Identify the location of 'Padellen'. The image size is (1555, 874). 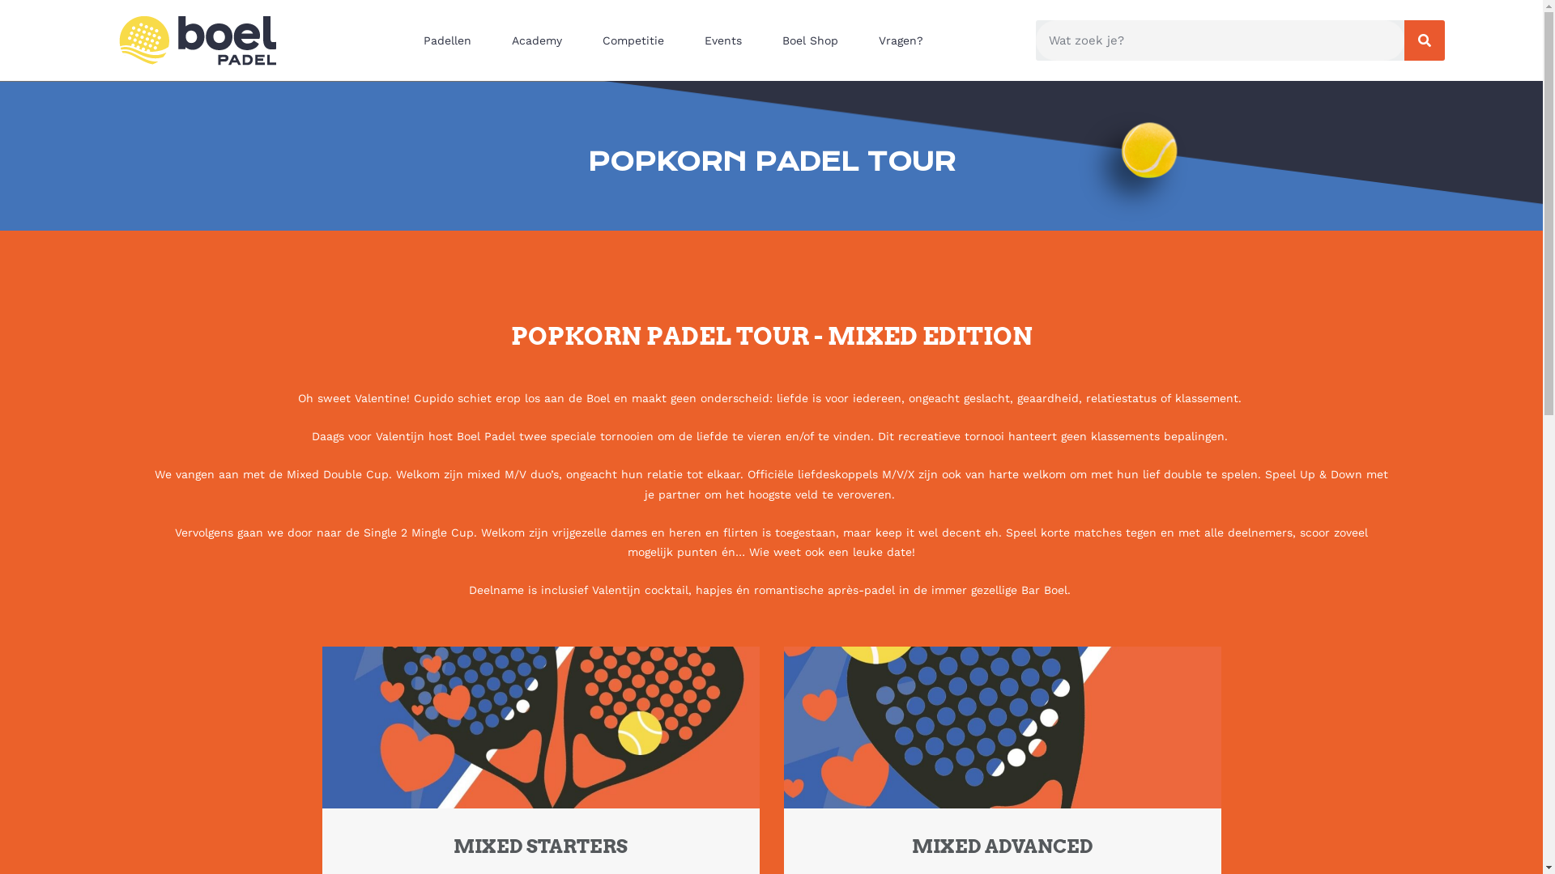
(451, 40).